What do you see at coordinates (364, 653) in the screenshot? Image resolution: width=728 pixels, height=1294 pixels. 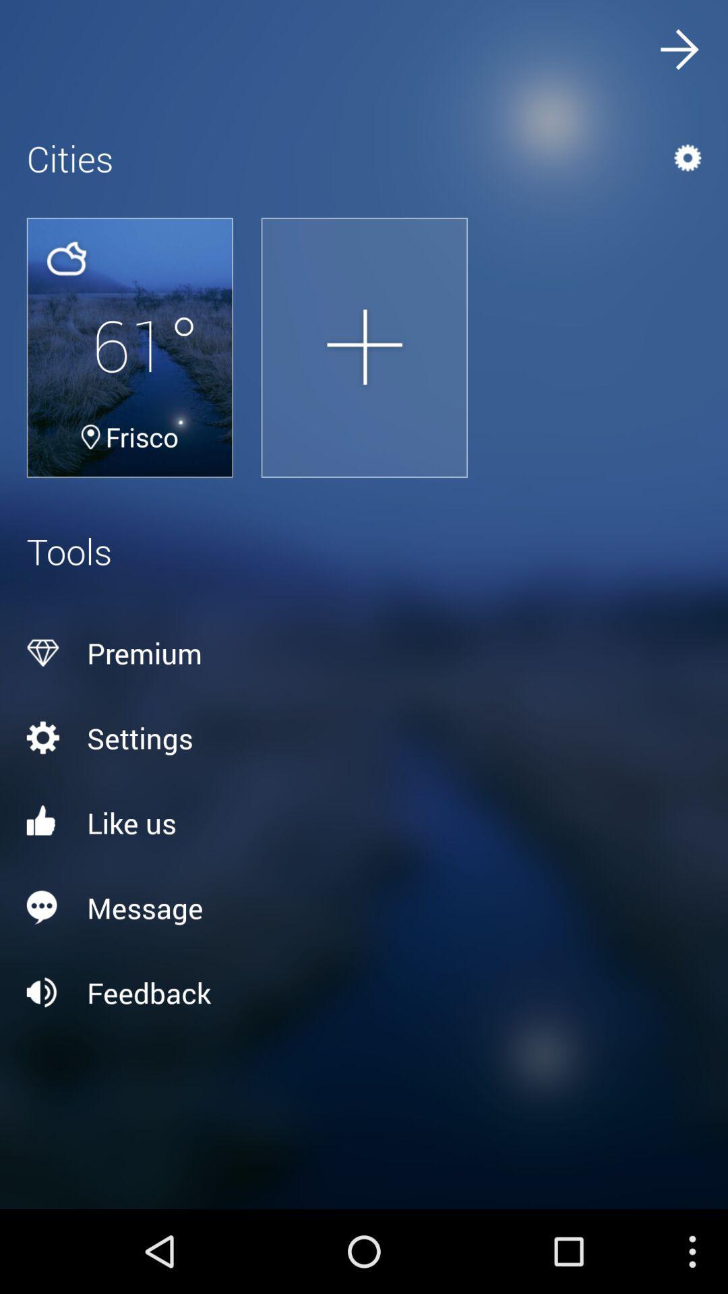 I see `the text below tools` at bounding box center [364, 653].